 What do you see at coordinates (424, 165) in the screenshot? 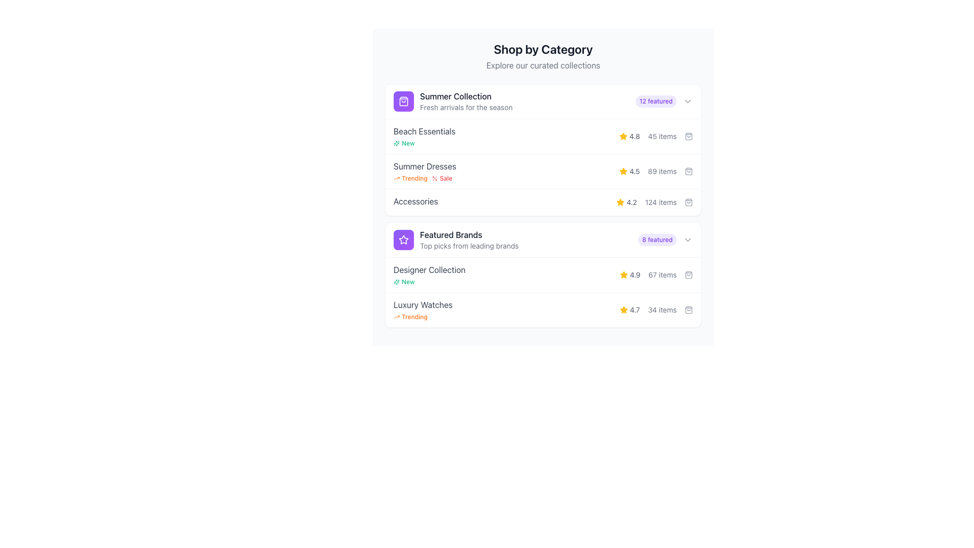
I see `the 'Summer Dresses' text label located in the 'Shop by Category' panel, positioned below the 'Summer Collection' title and above 'Beach Essentials'` at bounding box center [424, 165].